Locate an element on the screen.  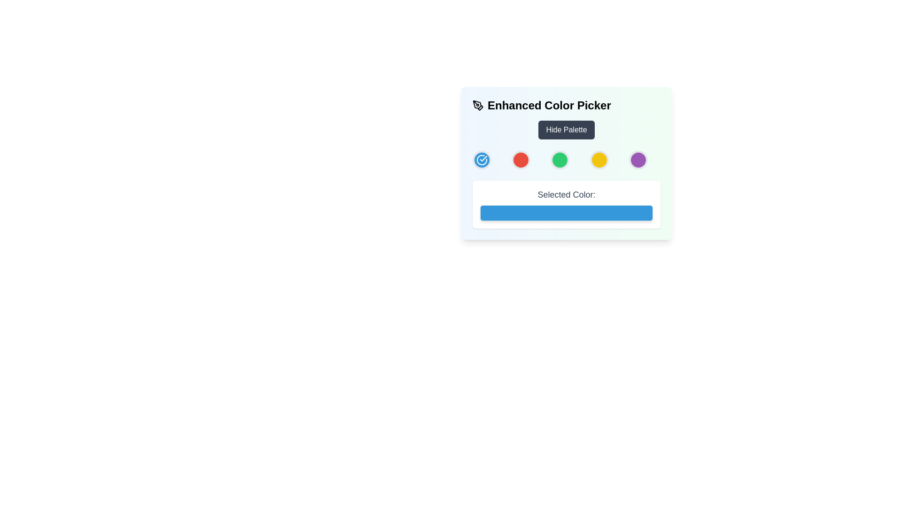
the second button in the color picker interface is located at coordinates (521, 159).